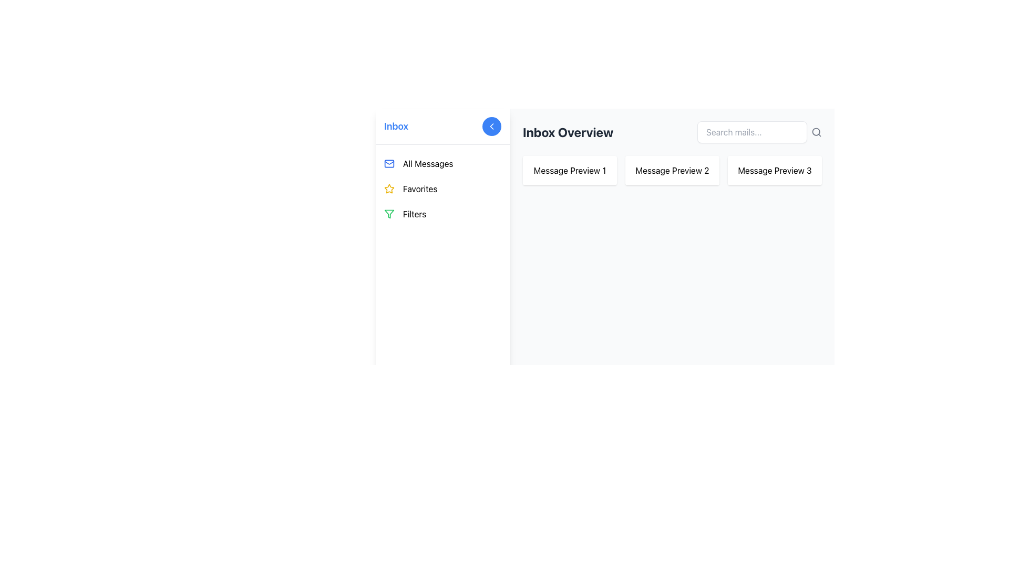 The image size is (1009, 567). What do you see at coordinates (751, 131) in the screenshot?
I see `the search bar input field located near the top-right section of the interface` at bounding box center [751, 131].